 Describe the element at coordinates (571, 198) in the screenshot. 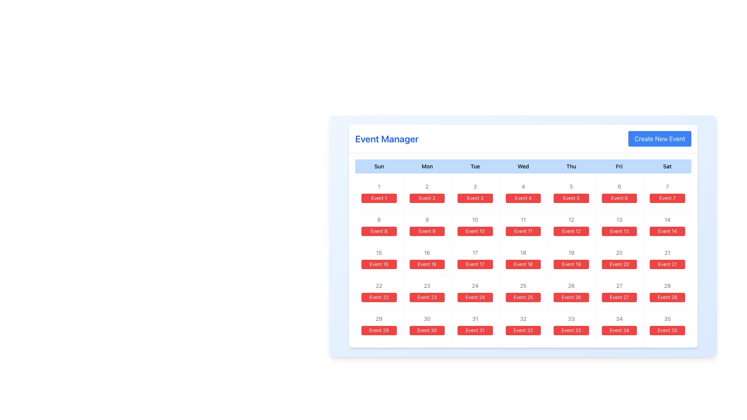

I see `the button representing the fifth event in the calendar located in the Thursday column` at that location.